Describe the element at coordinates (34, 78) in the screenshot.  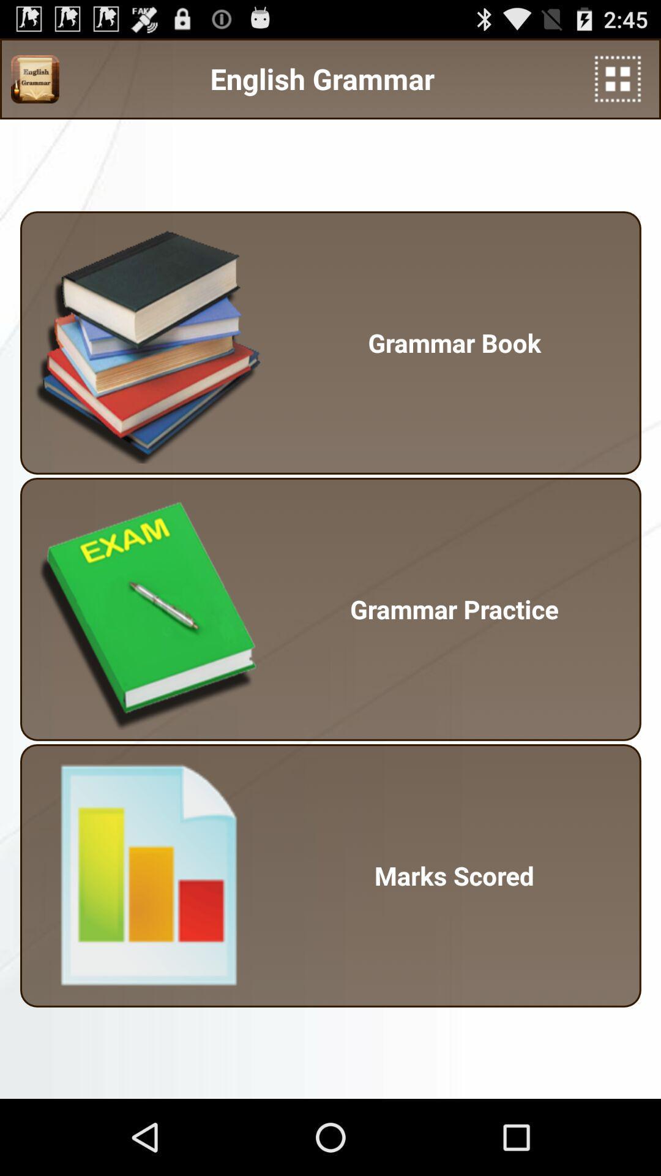
I see `icon to the left of the english grammar icon` at that location.